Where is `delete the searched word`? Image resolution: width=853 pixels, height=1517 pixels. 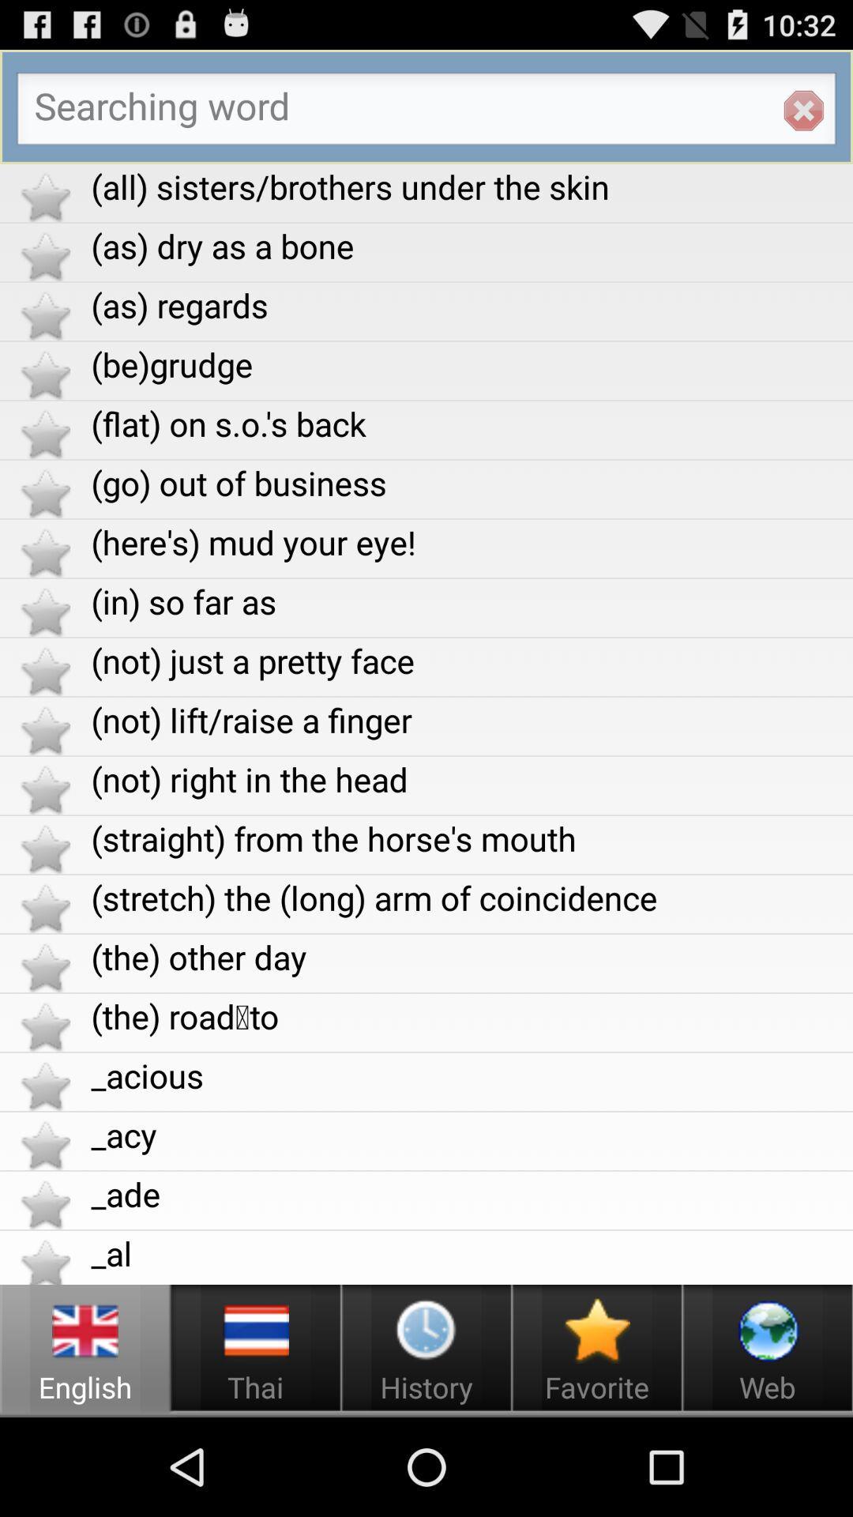
delete the searched word is located at coordinates (803, 110).